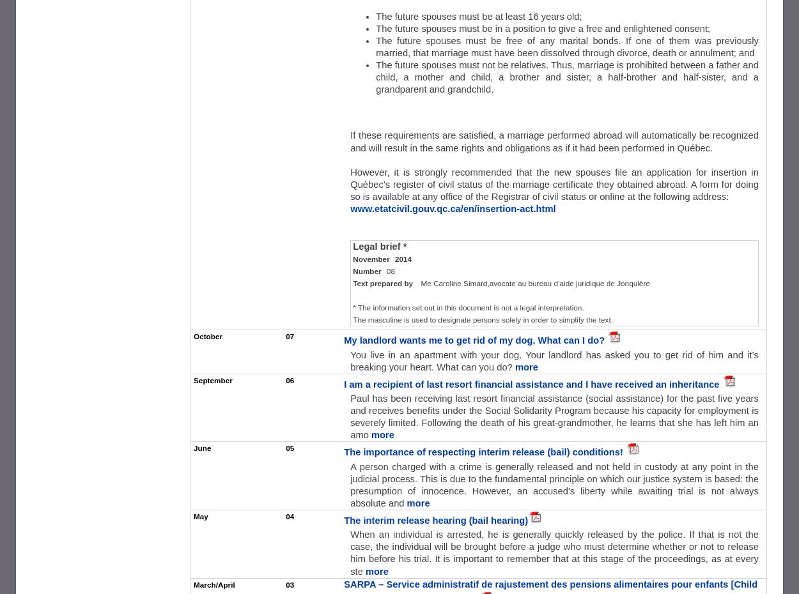 The width and height of the screenshot is (799, 594). Describe the element at coordinates (201, 448) in the screenshot. I see `'June'` at that location.